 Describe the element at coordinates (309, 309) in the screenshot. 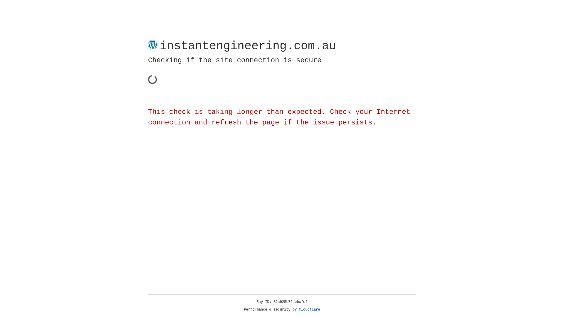

I see `'Cloudflare'` at that location.